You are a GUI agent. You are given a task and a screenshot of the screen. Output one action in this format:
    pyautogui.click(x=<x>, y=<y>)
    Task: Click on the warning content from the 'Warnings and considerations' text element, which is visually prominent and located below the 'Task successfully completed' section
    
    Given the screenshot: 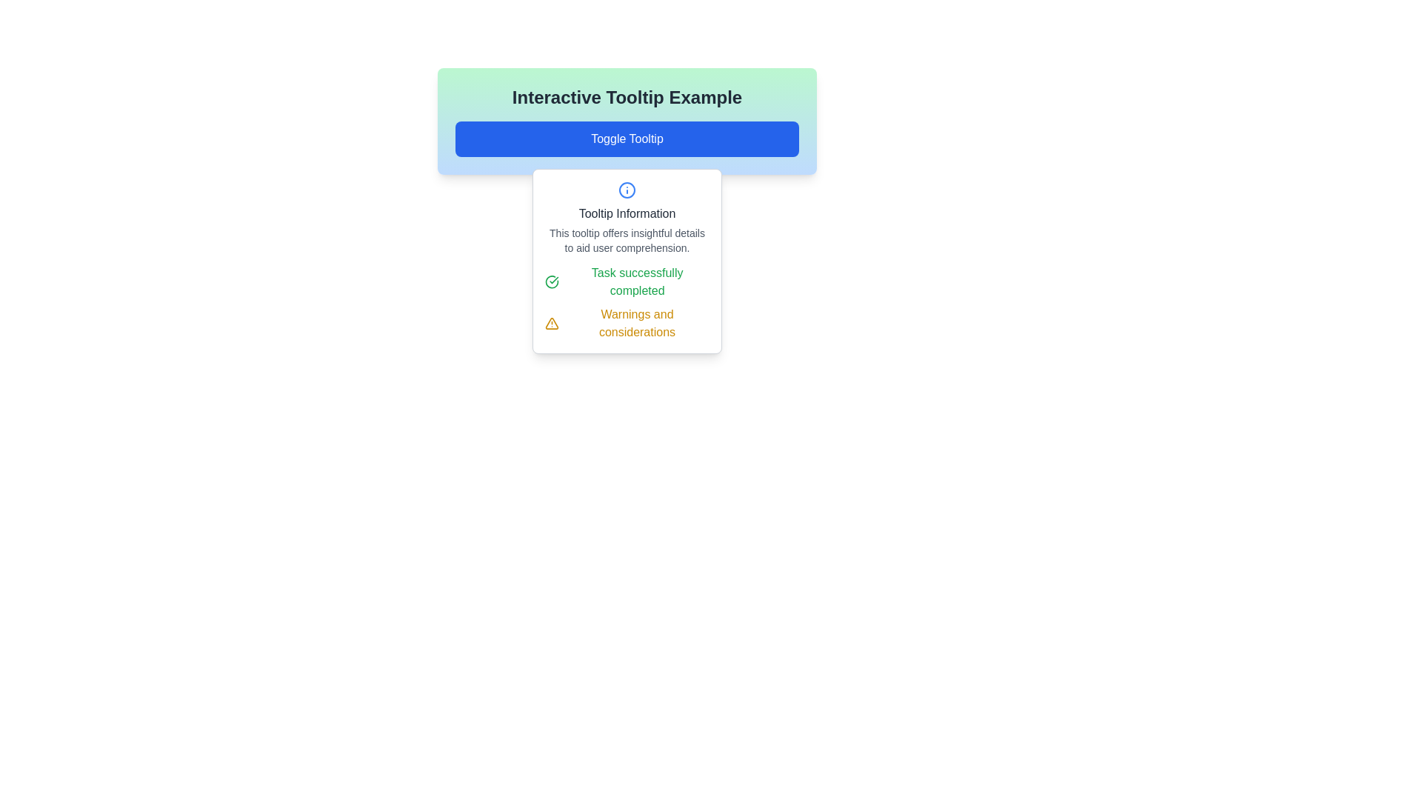 What is the action you would take?
    pyautogui.click(x=627, y=322)
    